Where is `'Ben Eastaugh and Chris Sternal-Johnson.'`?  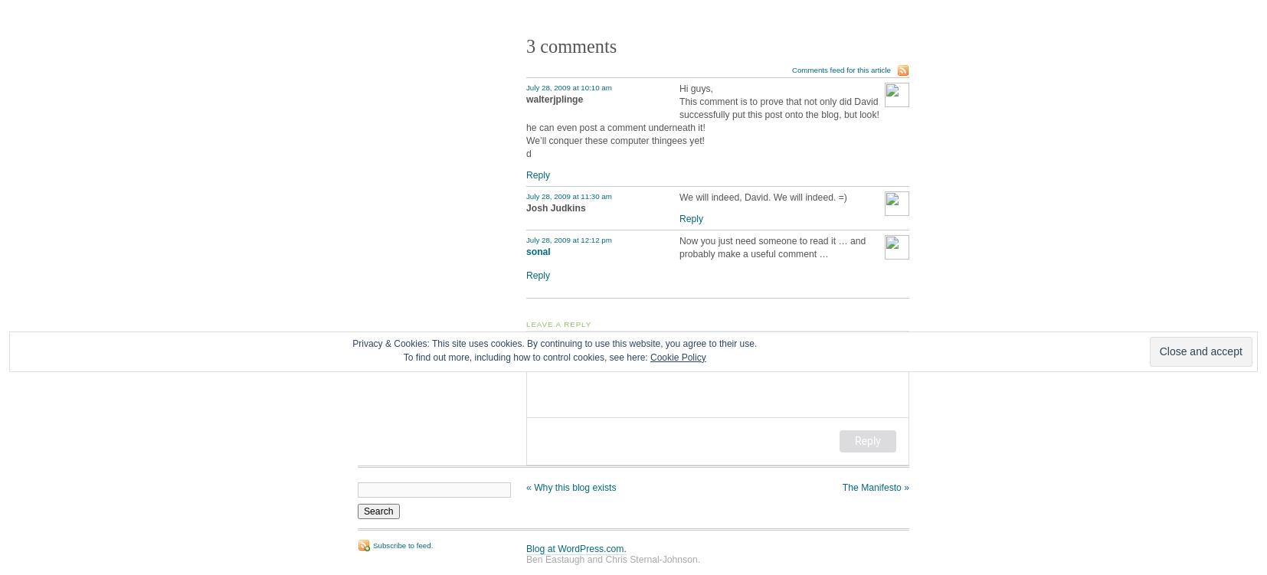
'Ben Eastaugh and Chris Sternal-Johnson.' is located at coordinates (613, 559).